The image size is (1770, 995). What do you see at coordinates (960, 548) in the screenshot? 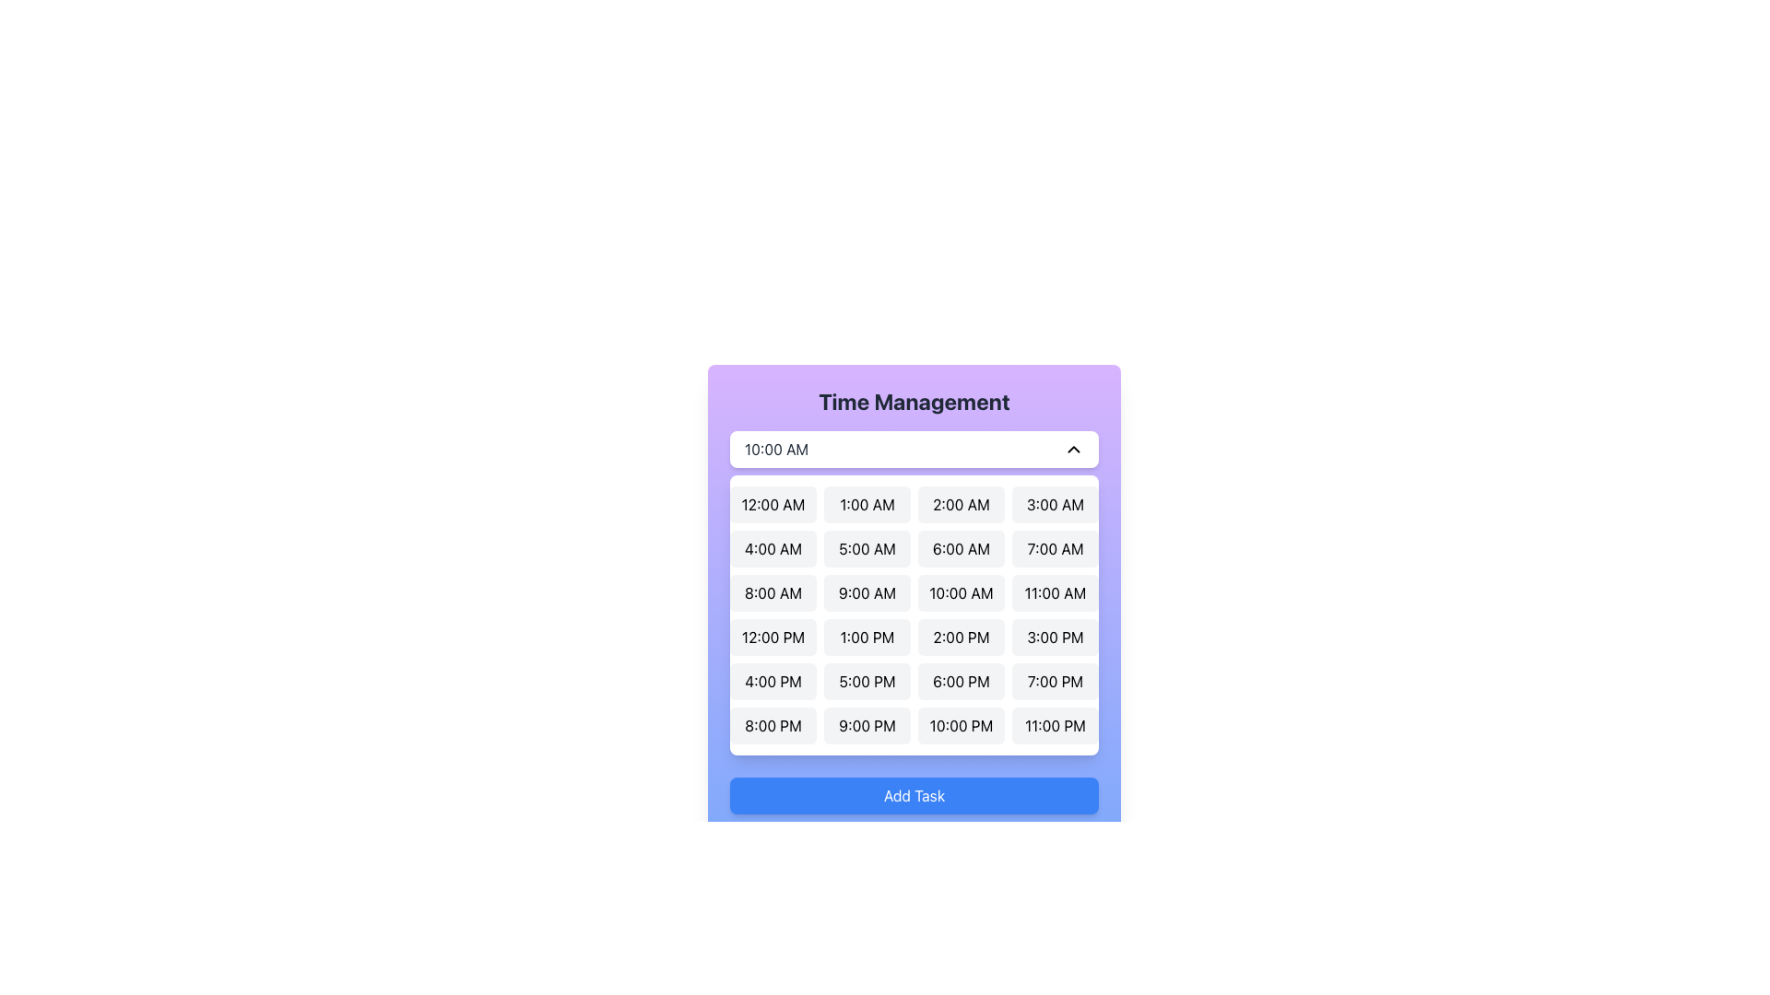
I see `the button displaying '6:00 AM' to change its background color to light blue` at bounding box center [960, 548].